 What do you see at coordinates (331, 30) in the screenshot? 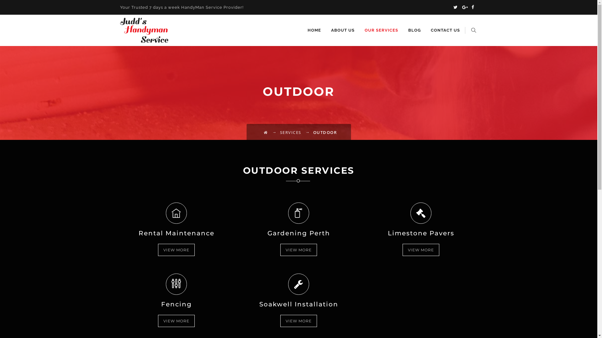
I see `'ABOUT US'` at bounding box center [331, 30].